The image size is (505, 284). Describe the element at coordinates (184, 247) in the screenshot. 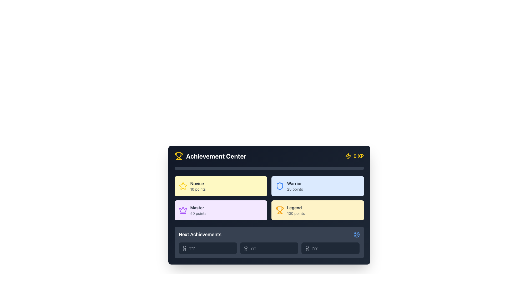

I see `the circular shape within the award icon, which is centrally positioned and characterized by a minimalistic design in gray` at that location.